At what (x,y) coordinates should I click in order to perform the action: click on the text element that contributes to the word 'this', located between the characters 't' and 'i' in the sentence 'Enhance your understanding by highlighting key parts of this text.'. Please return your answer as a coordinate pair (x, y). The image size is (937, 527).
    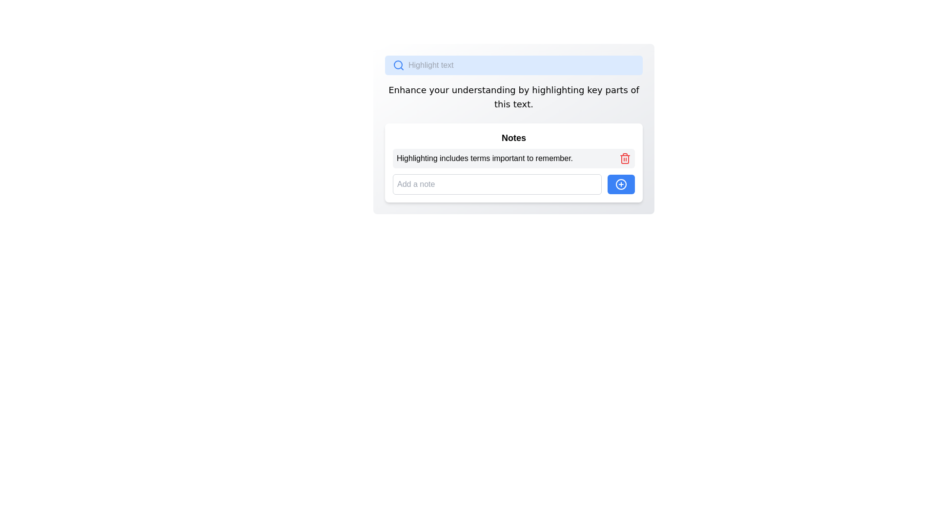
    Looking at the image, I should click on (500, 104).